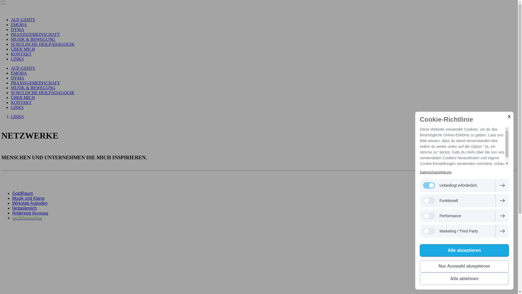 The width and height of the screenshot is (522, 294). I want to click on 'Wirkstatt Auboden', so click(30, 203).